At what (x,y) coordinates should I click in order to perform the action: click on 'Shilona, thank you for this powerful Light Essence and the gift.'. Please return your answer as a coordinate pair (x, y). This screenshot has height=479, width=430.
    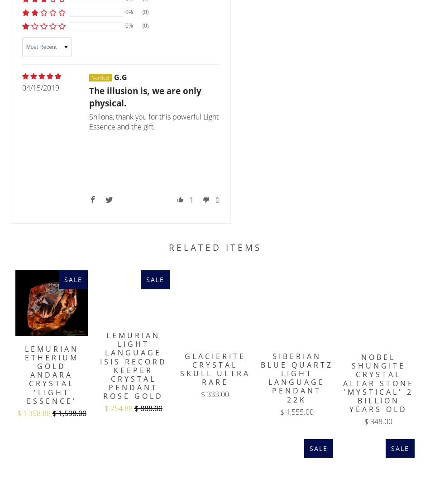
    Looking at the image, I should click on (153, 120).